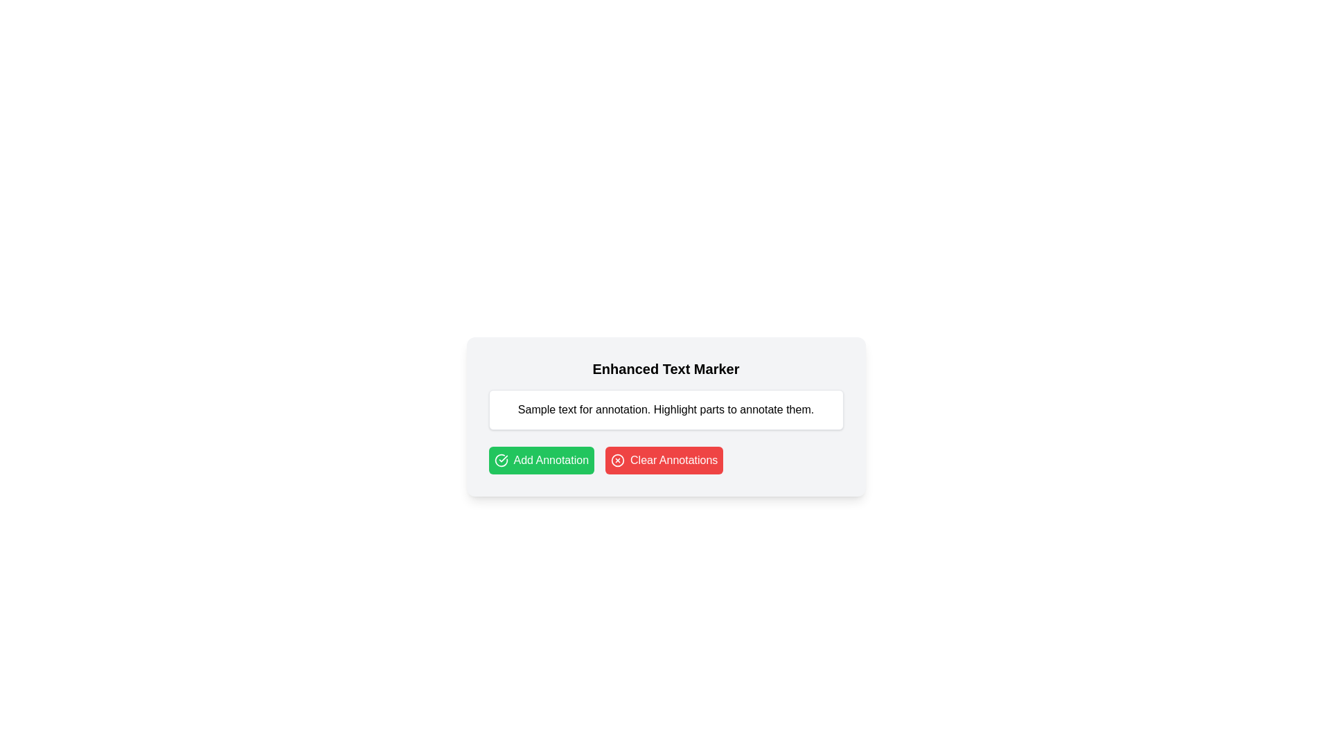  I want to click on the 34th character in the sentence 'Sample text for annotation. Highlight parts to annotate them.', so click(702, 409).